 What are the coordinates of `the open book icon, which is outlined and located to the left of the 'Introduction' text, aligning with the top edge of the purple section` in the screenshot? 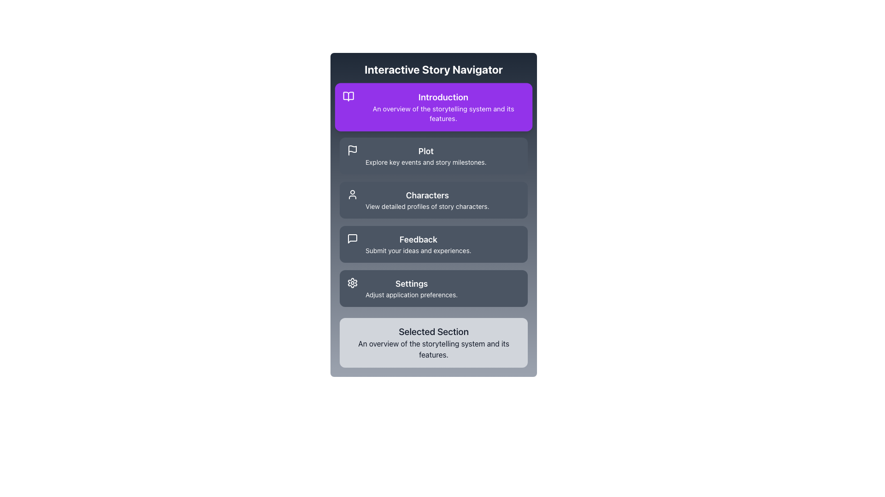 It's located at (348, 96).